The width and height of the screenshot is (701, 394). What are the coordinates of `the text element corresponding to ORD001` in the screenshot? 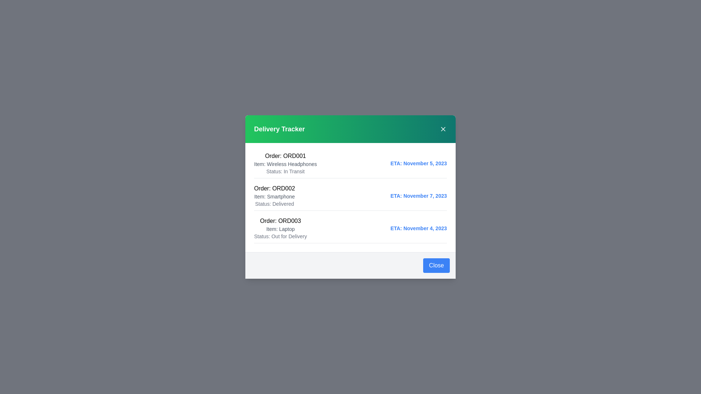 It's located at (285, 156).